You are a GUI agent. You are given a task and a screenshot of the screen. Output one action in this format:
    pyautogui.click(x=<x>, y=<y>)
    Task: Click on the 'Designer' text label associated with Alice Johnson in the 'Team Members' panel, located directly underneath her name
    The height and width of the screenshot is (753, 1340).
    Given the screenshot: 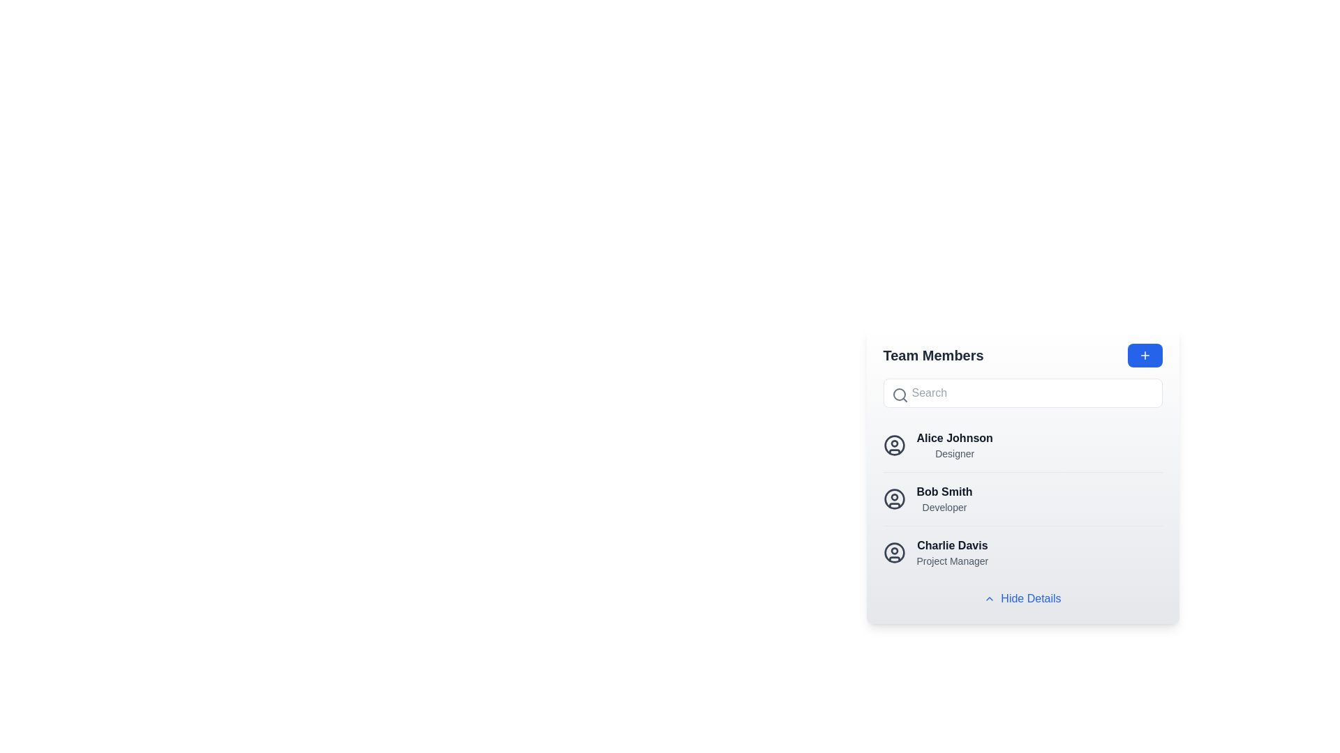 What is the action you would take?
    pyautogui.click(x=954, y=454)
    